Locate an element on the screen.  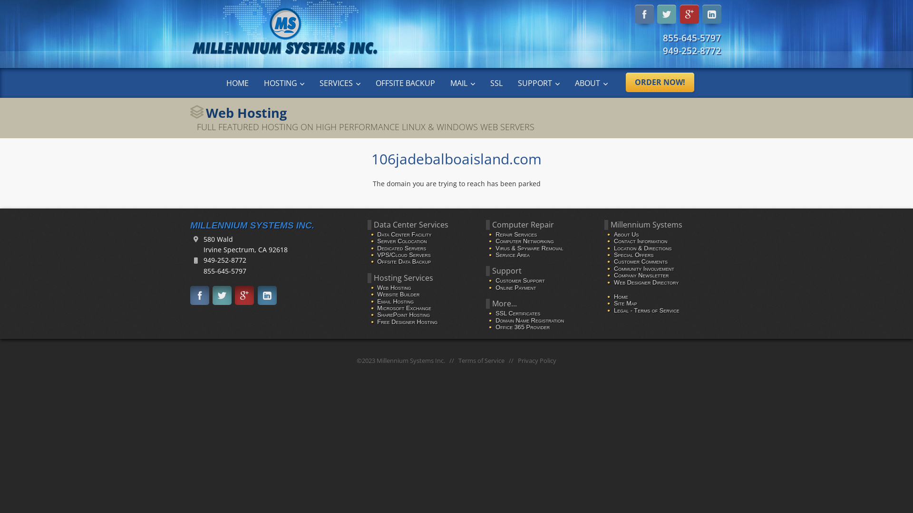
'Free Designer Hosting' is located at coordinates (407, 321).